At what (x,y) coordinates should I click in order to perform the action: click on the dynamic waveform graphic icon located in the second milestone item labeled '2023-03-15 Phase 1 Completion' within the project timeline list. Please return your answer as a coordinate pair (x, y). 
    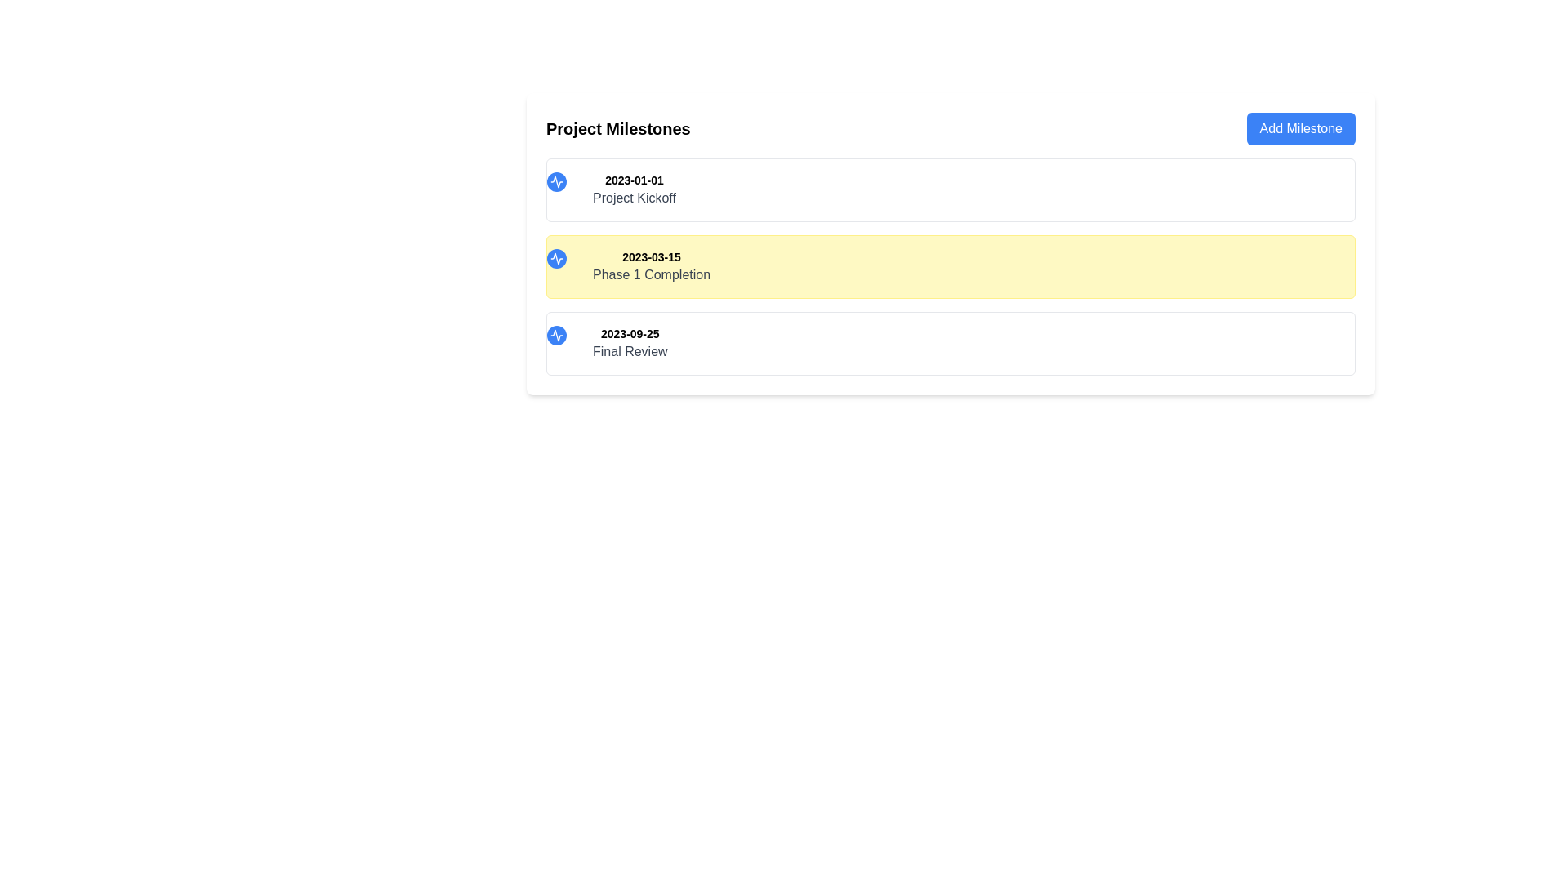
    Looking at the image, I should click on (556, 257).